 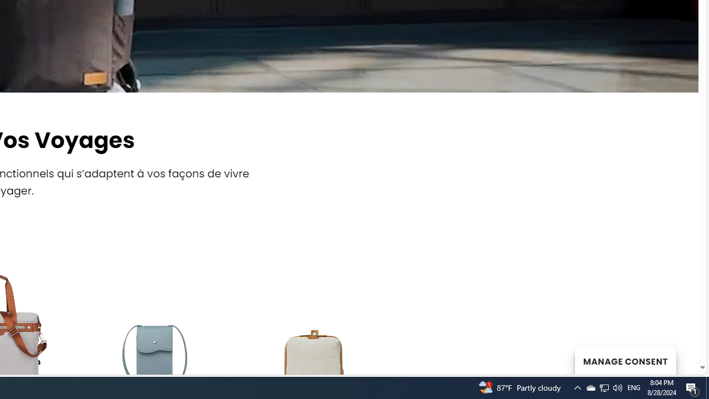 I want to click on 'MANAGE CONSENT', so click(x=625, y=360).